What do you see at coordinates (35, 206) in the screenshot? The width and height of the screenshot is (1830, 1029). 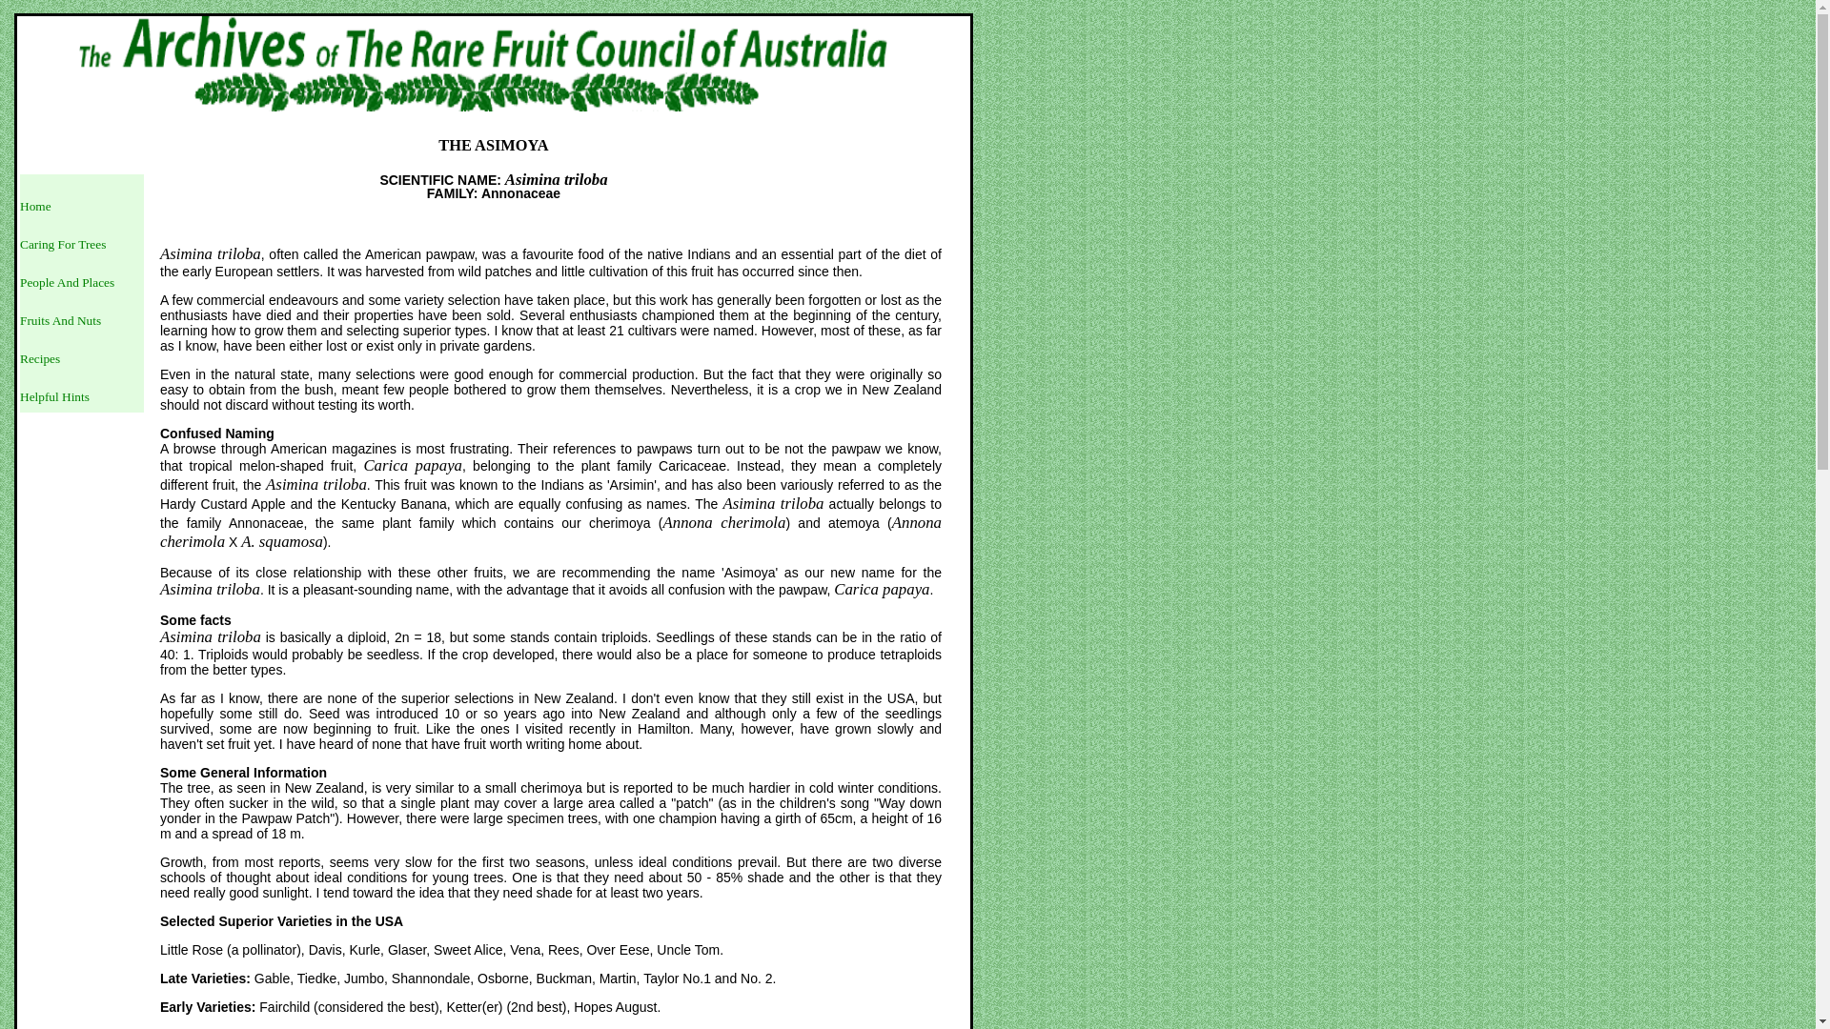 I see `'Home'` at bounding box center [35, 206].